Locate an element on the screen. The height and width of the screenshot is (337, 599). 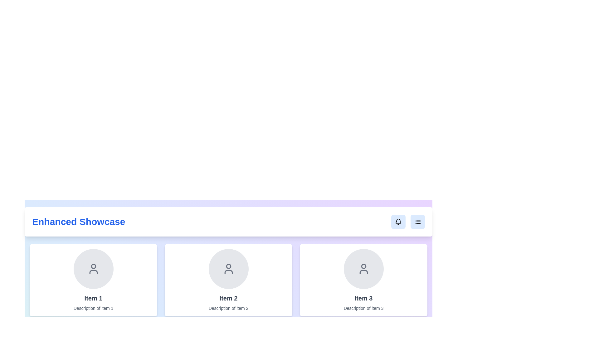
the light blue button with a bell icon located at the top-right corner of the interface is located at coordinates (398, 221).